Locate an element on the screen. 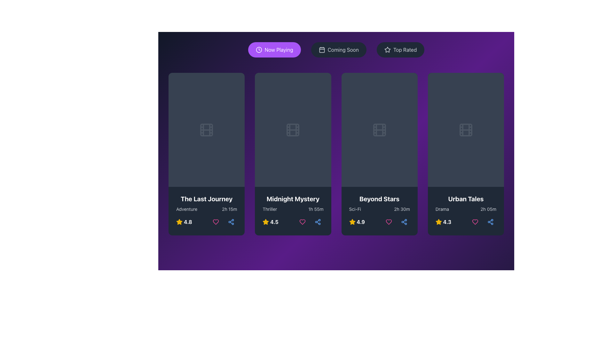 The width and height of the screenshot is (614, 345). the heart-shaped interactive button with a pink outline located at the bottom of the fourth card in the grid layout is located at coordinates (475, 221).